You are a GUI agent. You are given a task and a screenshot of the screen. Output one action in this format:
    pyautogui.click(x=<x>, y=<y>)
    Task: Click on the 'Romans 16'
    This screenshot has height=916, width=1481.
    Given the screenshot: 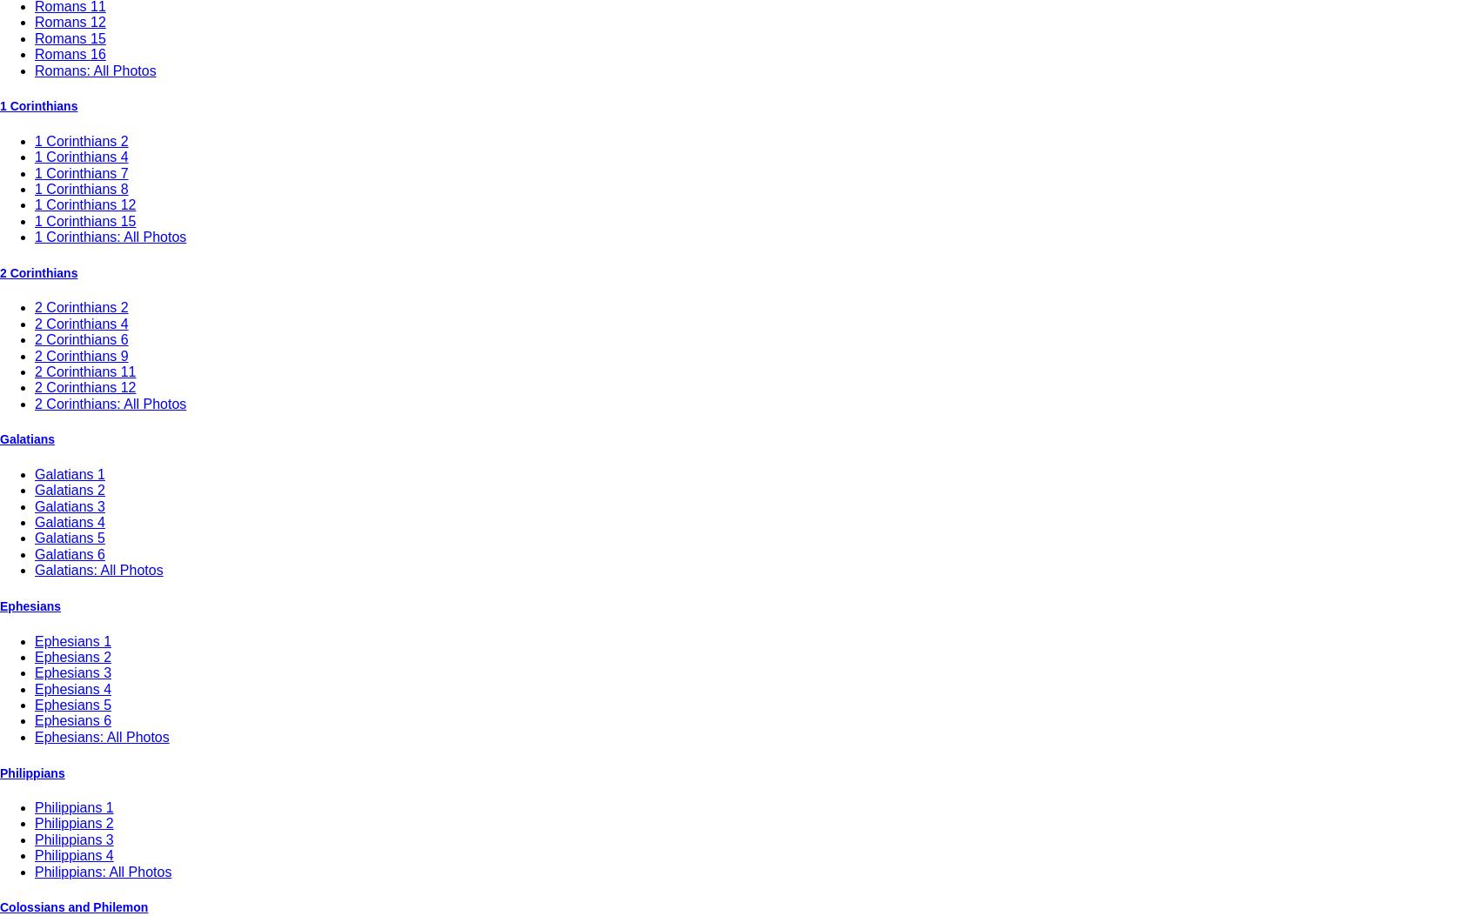 What is the action you would take?
    pyautogui.click(x=70, y=53)
    